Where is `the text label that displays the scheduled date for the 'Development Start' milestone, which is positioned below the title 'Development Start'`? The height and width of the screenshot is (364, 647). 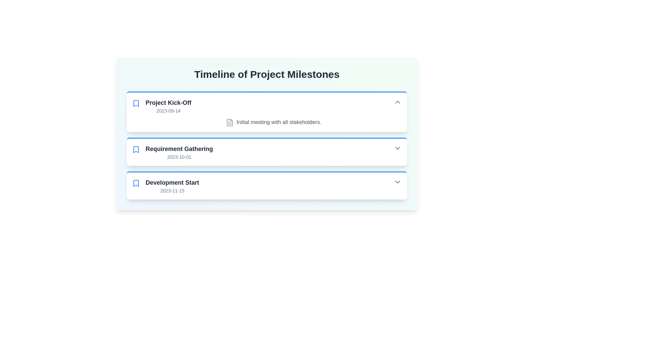
the text label that displays the scheduled date for the 'Development Start' milestone, which is positioned below the title 'Development Start' is located at coordinates (172, 190).